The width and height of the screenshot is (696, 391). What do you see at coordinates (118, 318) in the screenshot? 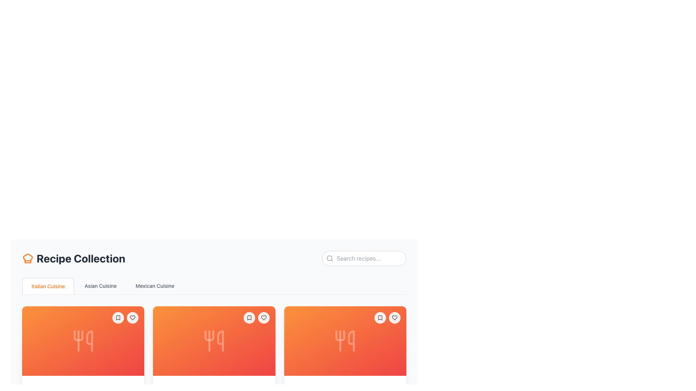
I see `the bookmark icon button, which is a black outline of a bookmark within a circular button with a white background, located near the top right corner of the second recipe card` at bounding box center [118, 318].